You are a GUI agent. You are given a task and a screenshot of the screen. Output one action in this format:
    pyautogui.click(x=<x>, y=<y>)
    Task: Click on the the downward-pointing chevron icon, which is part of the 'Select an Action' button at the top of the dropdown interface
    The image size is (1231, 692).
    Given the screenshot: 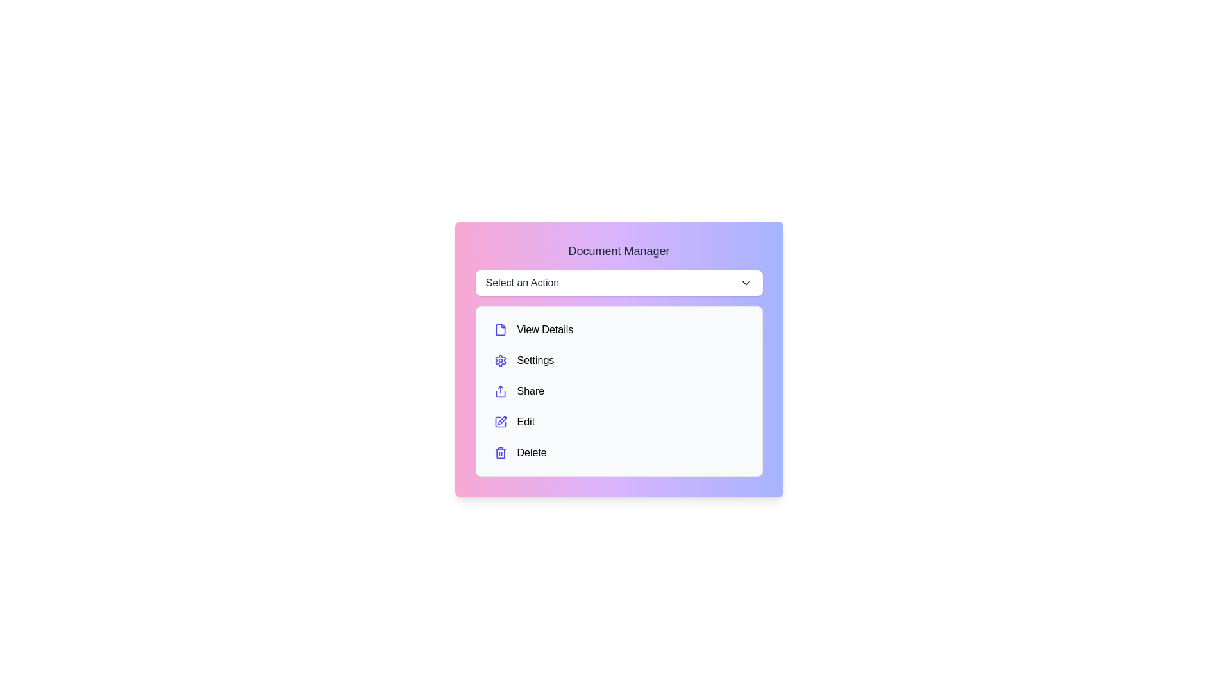 What is the action you would take?
    pyautogui.click(x=746, y=283)
    